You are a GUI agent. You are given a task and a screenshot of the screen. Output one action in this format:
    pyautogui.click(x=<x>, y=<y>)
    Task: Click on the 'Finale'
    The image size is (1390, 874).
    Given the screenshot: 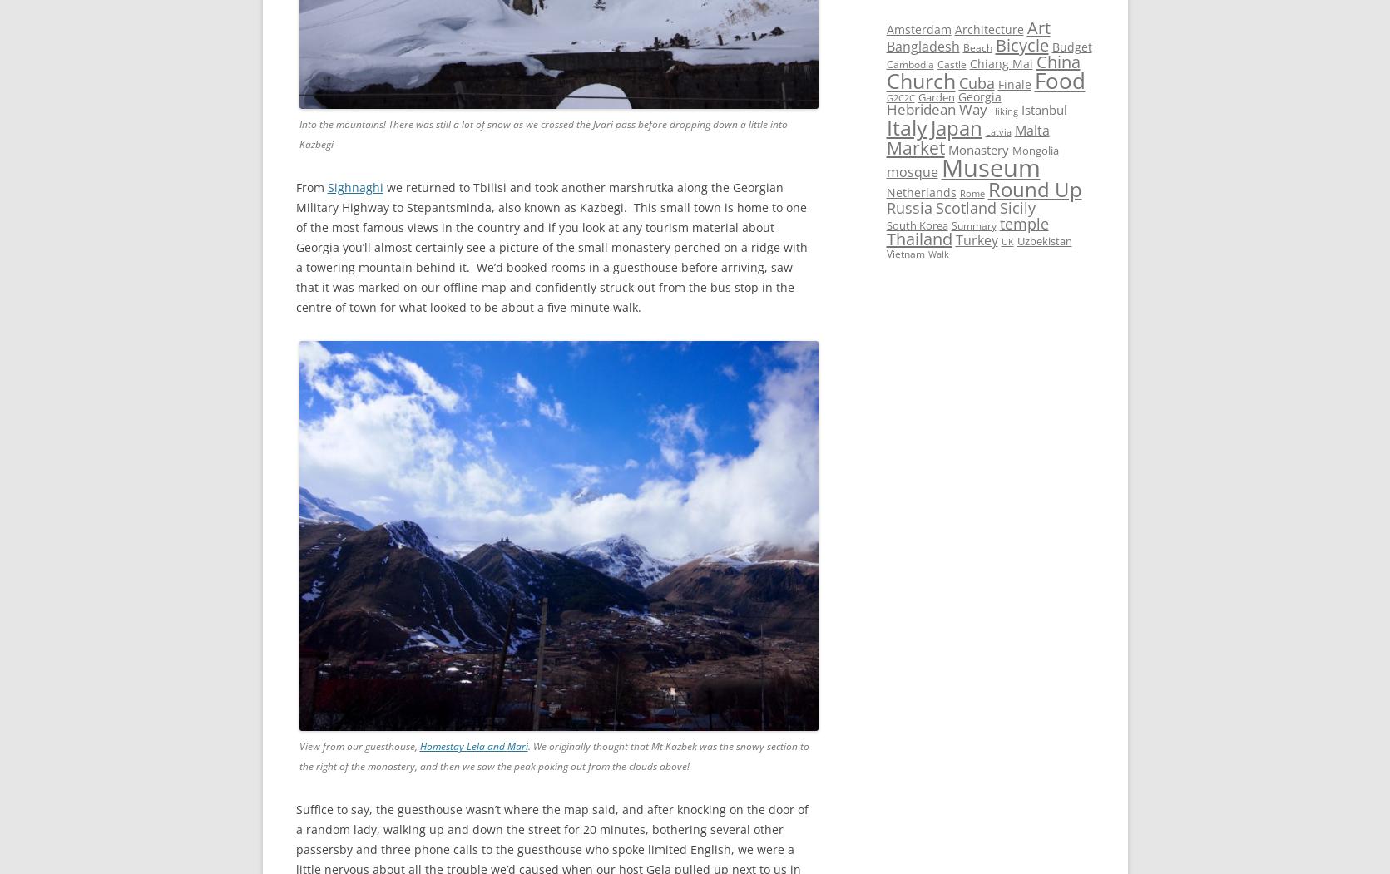 What is the action you would take?
    pyautogui.click(x=997, y=83)
    